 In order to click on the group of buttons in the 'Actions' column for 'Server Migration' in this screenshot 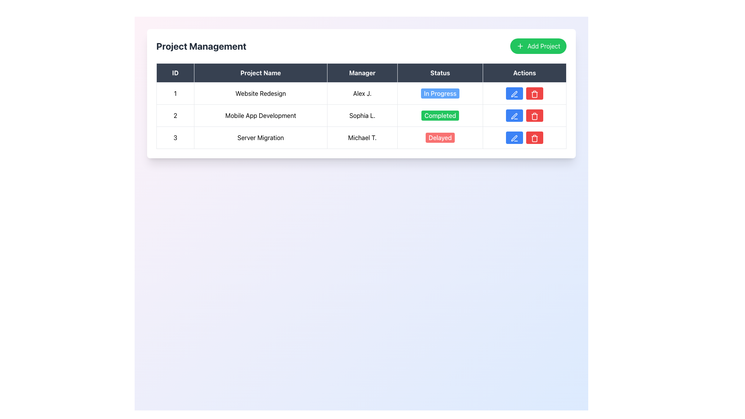, I will do `click(525, 137)`.